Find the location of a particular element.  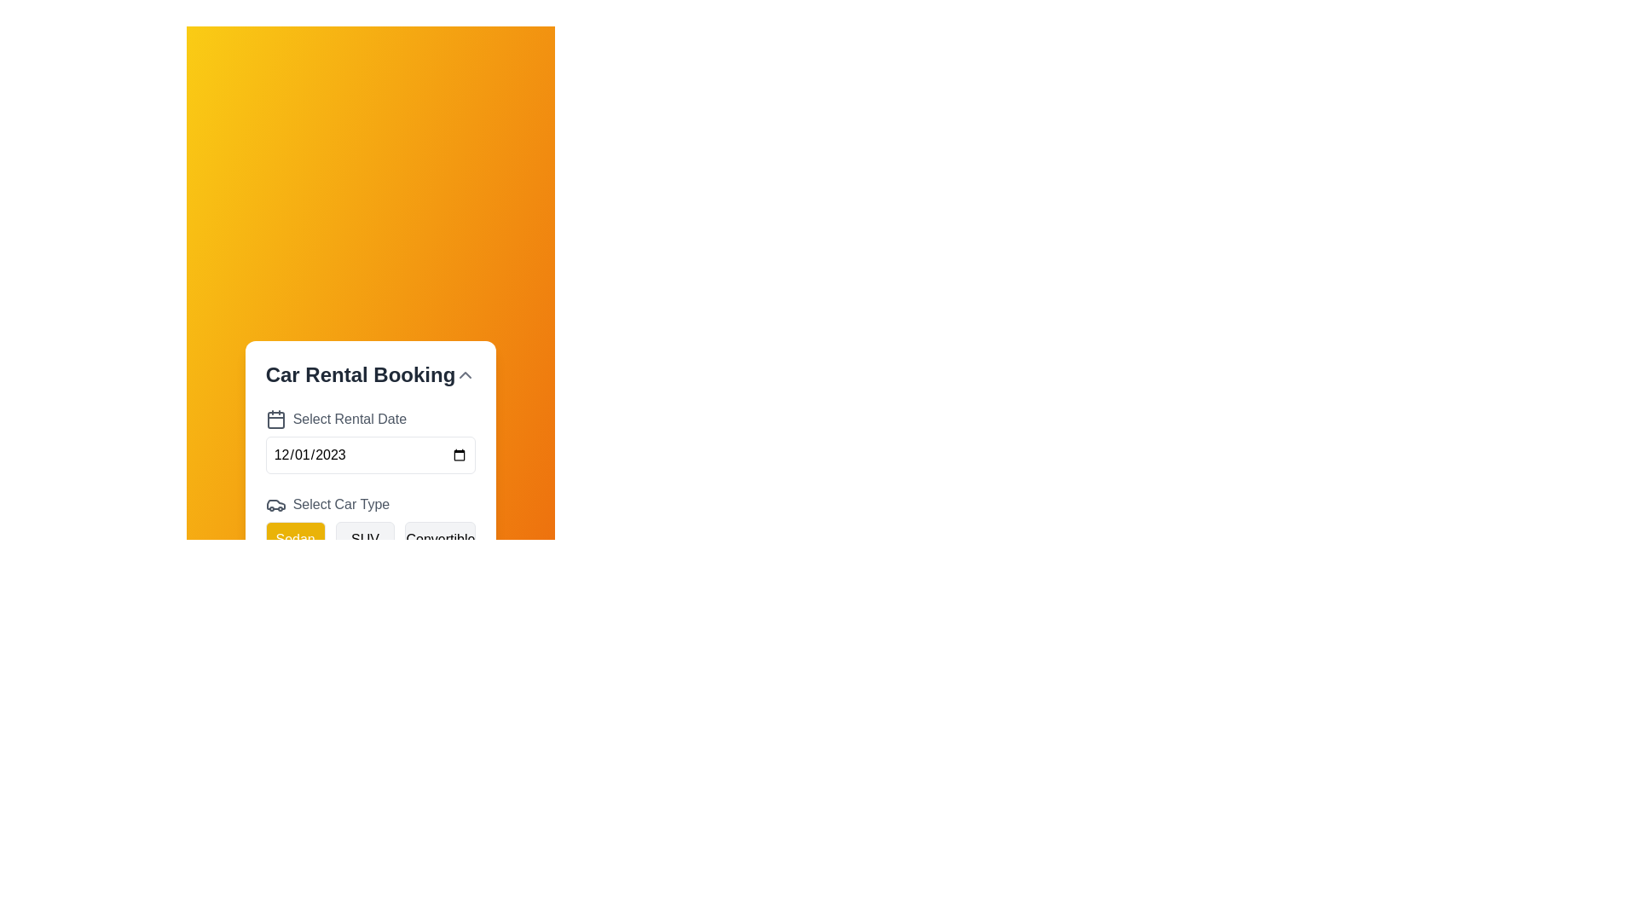

the 'Convertible' button, which is the third button in the 'Select Car Type' section is located at coordinates (440, 539).